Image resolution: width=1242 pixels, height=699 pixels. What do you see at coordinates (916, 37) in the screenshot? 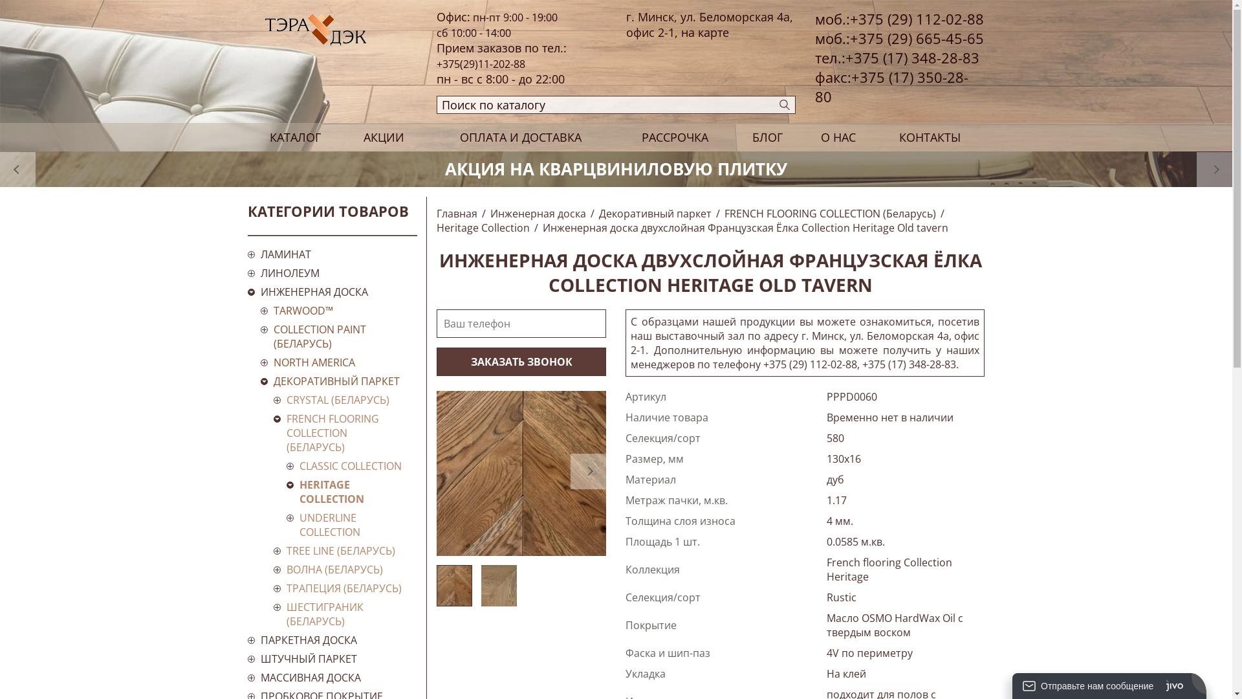
I see `'+375 (29) 665-45-65'` at bounding box center [916, 37].